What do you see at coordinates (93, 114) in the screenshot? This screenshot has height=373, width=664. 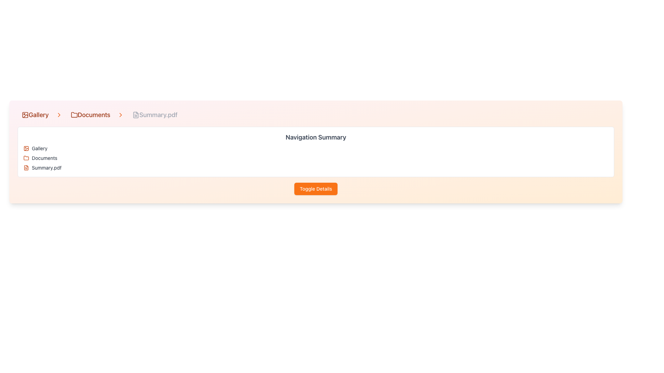 I see `the third text label in the breadcrumb navigation that links to the 'Documents' section` at bounding box center [93, 114].